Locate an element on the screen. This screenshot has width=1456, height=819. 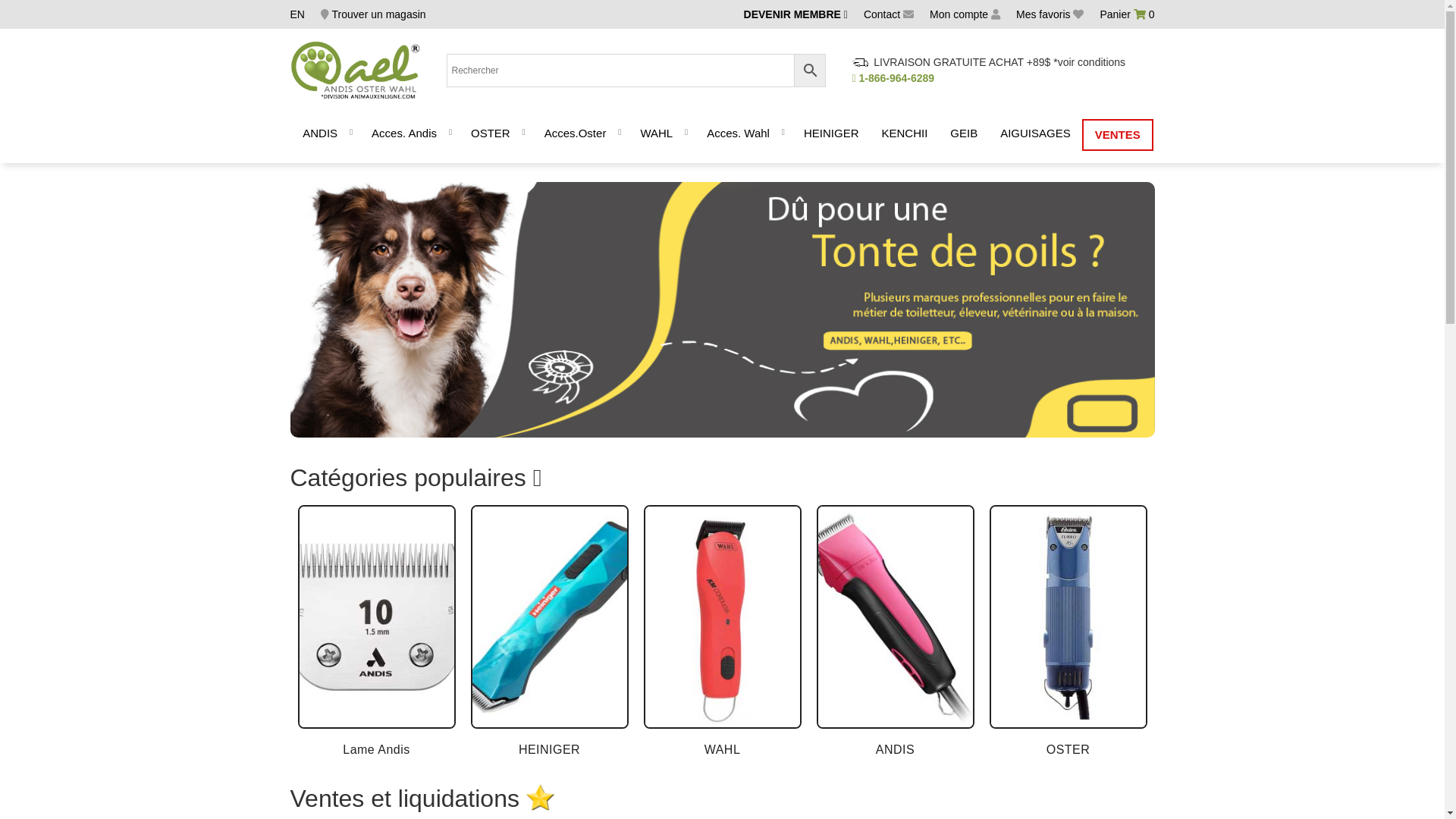
'HEINIGER' is located at coordinates (548, 632).